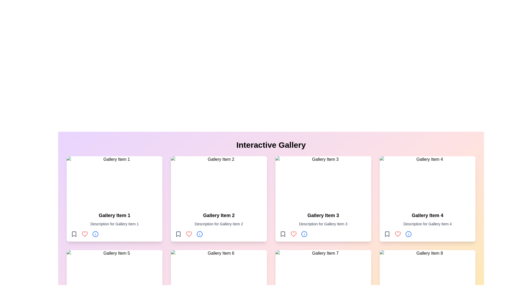  What do you see at coordinates (387, 234) in the screenshot?
I see `the bookmark icon located in the bottom-left corner of the card titled 'Gallery Item 4'` at bounding box center [387, 234].